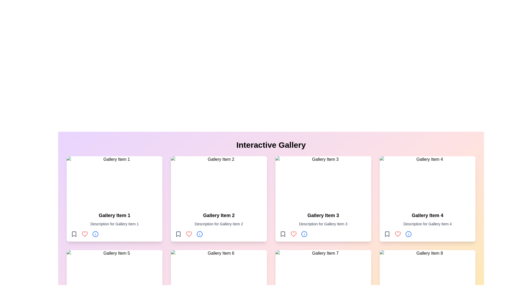  What do you see at coordinates (387, 234) in the screenshot?
I see `the bookmark icon located in the bottom-left corner of the card titled 'Gallery Item 4'` at bounding box center [387, 234].